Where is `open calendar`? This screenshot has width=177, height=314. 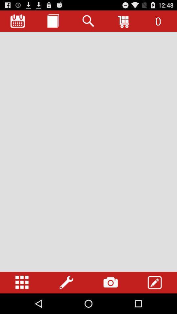 open calendar is located at coordinates (18, 21).